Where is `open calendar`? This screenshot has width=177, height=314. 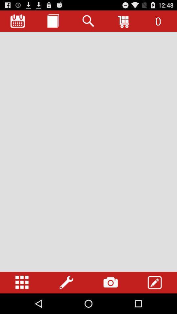 open calendar is located at coordinates (18, 21).